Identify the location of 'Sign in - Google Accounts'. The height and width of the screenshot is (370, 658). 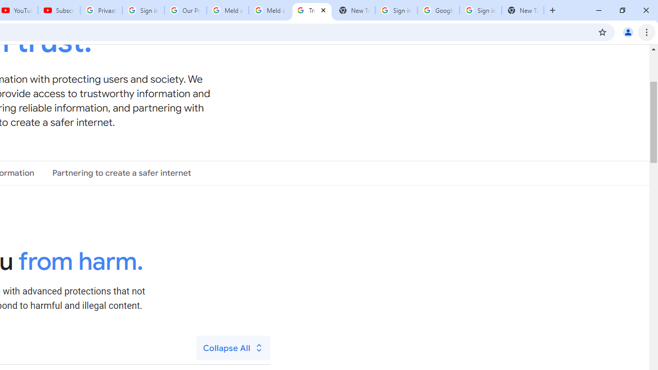
(480, 10).